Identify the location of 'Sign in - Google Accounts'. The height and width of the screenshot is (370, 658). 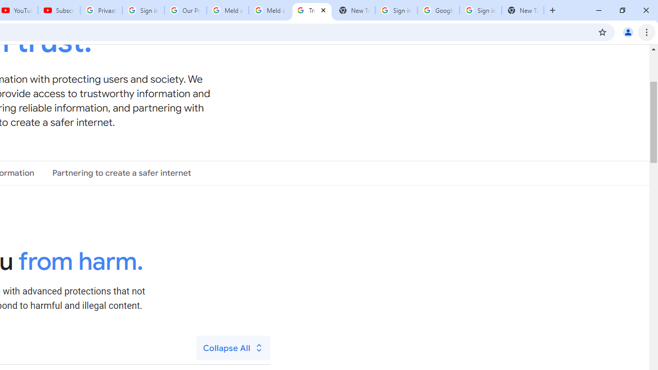
(480, 10).